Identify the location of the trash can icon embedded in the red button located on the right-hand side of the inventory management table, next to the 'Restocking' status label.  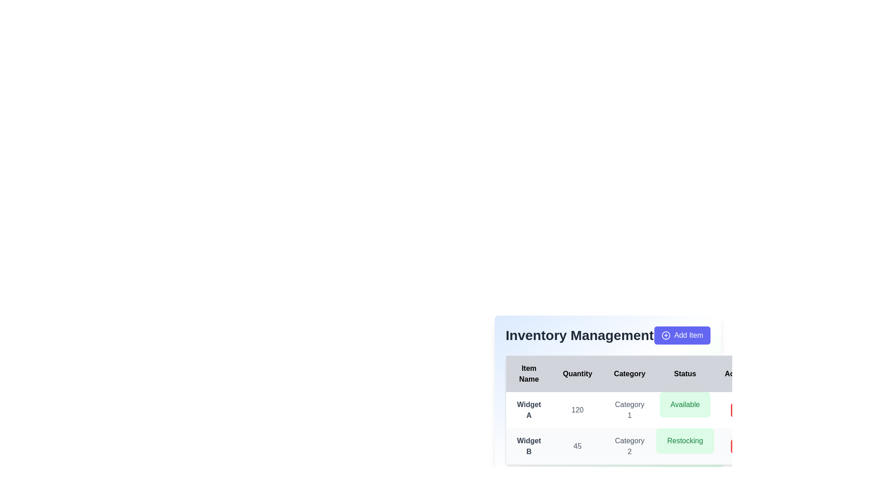
(738, 446).